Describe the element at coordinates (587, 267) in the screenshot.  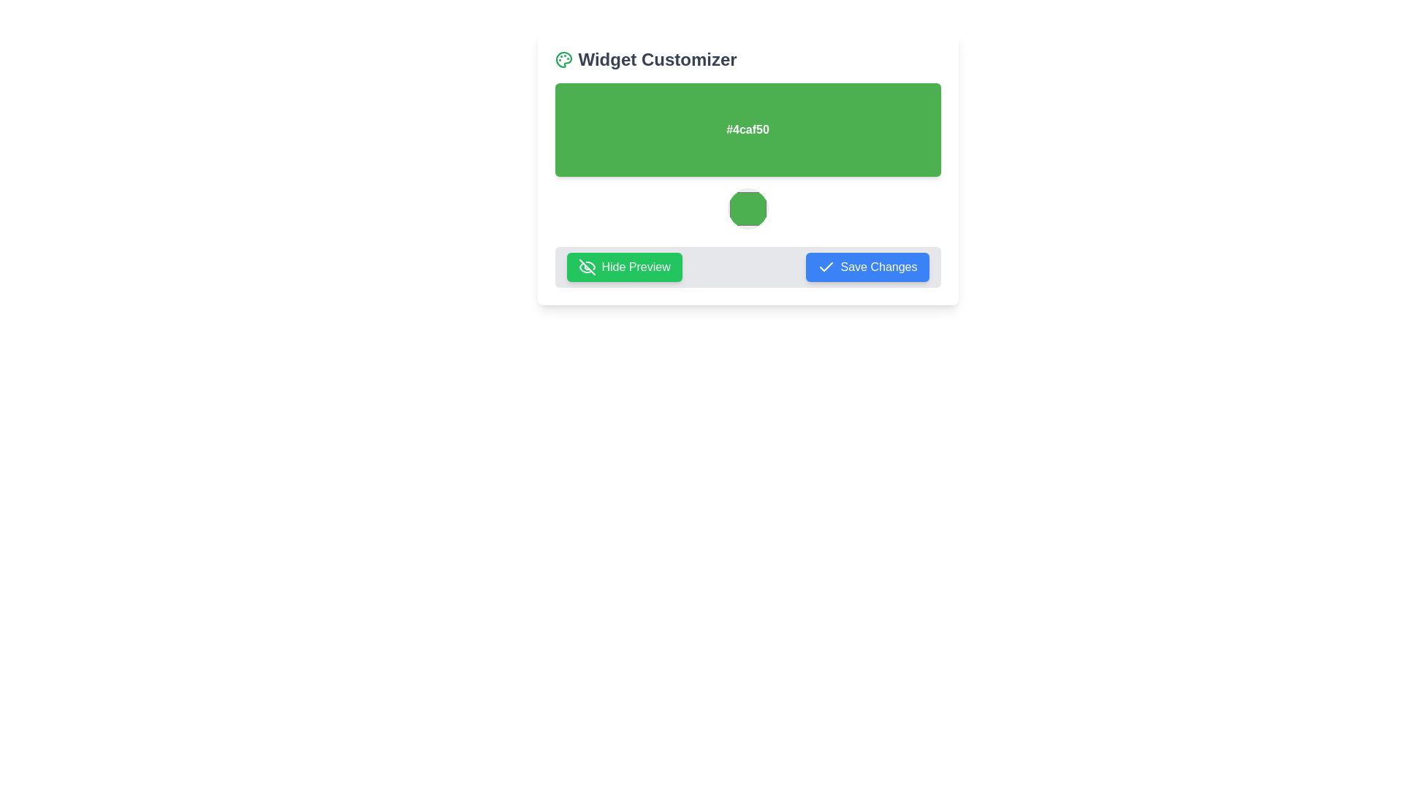
I see `the small diagonal line icon within the 'Hide Preview' button that has a green background, located at the bottom left of the content area` at that location.